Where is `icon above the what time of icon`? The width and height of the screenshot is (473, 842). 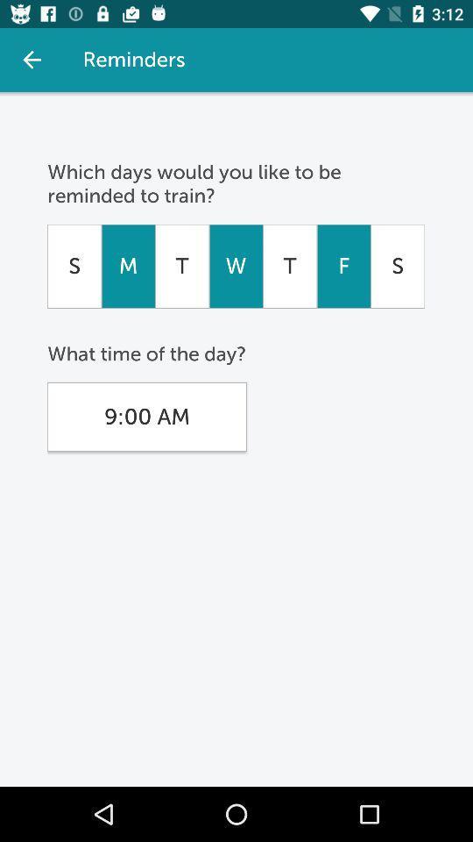 icon above the what time of icon is located at coordinates (236, 266).